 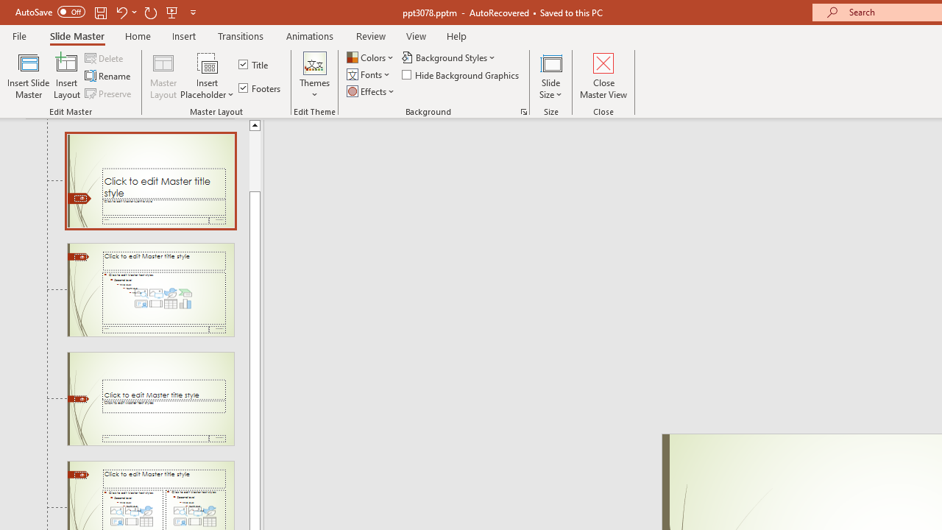 What do you see at coordinates (370, 74) in the screenshot?
I see `'Fonts'` at bounding box center [370, 74].